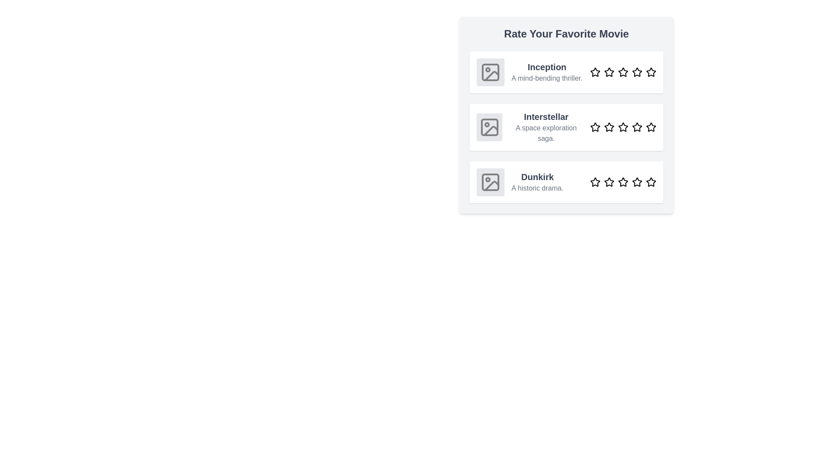 The width and height of the screenshot is (838, 471). What do you see at coordinates (594, 127) in the screenshot?
I see `the first rating star in the rating component for the movie 'Interstellar' to record the rating` at bounding box center [594, 127].